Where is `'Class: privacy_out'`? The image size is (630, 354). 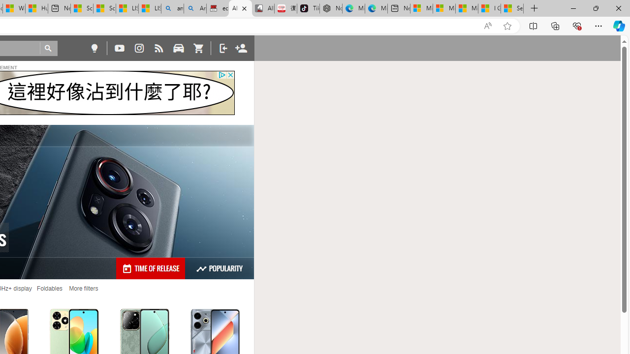
'Class: privacy_out' is located at coordinates (221, 74).